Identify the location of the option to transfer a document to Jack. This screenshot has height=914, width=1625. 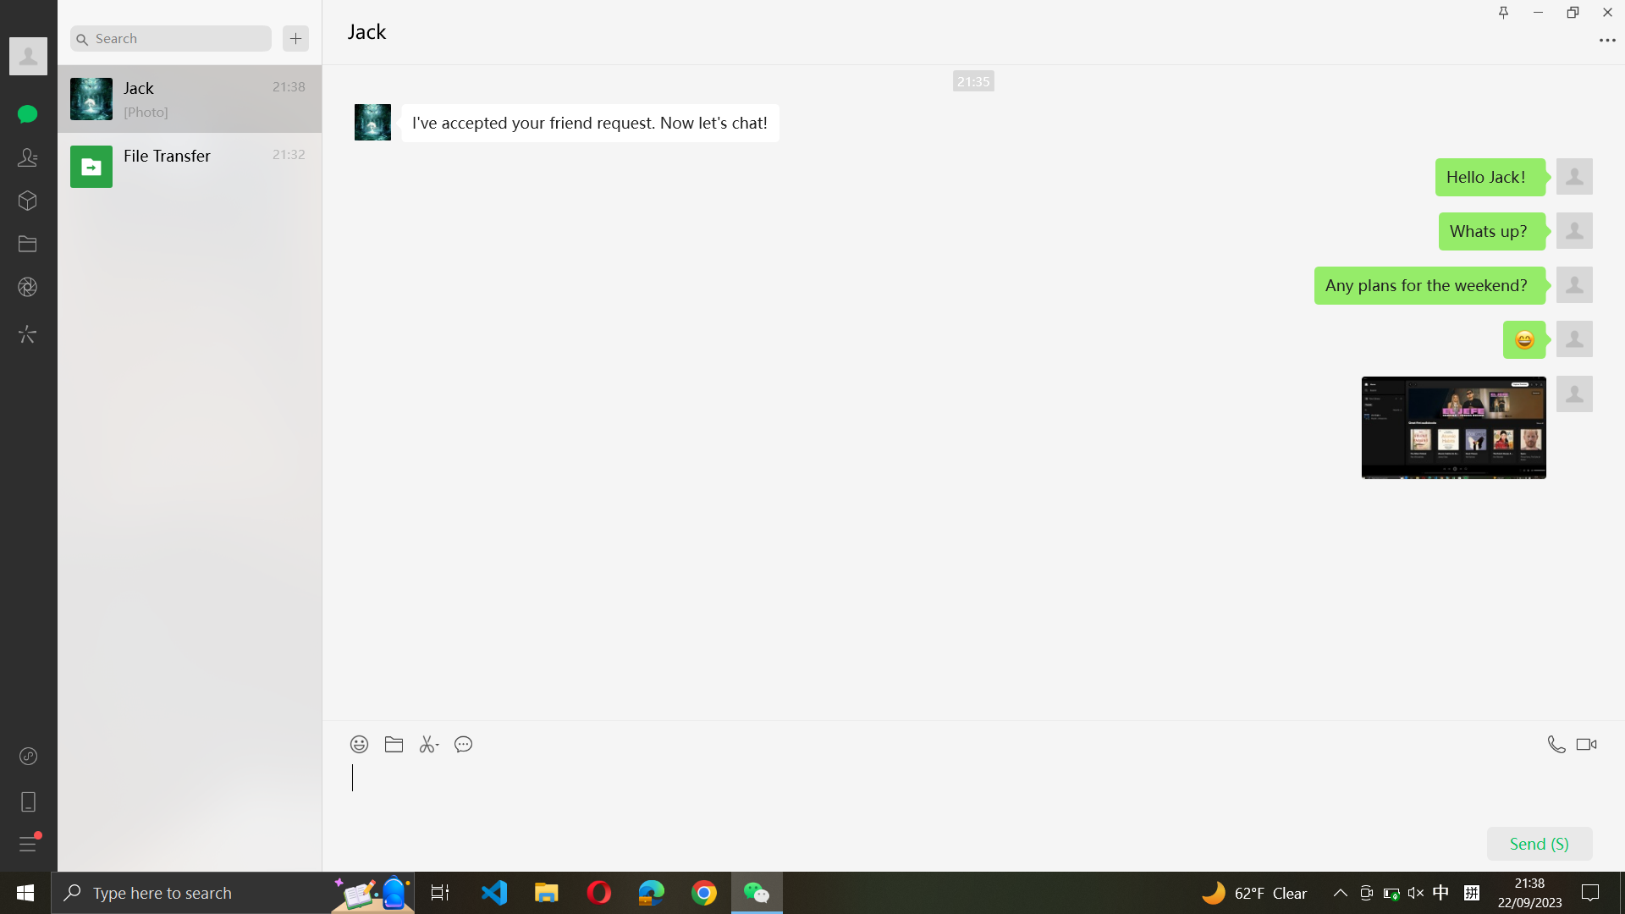
(394, 740).